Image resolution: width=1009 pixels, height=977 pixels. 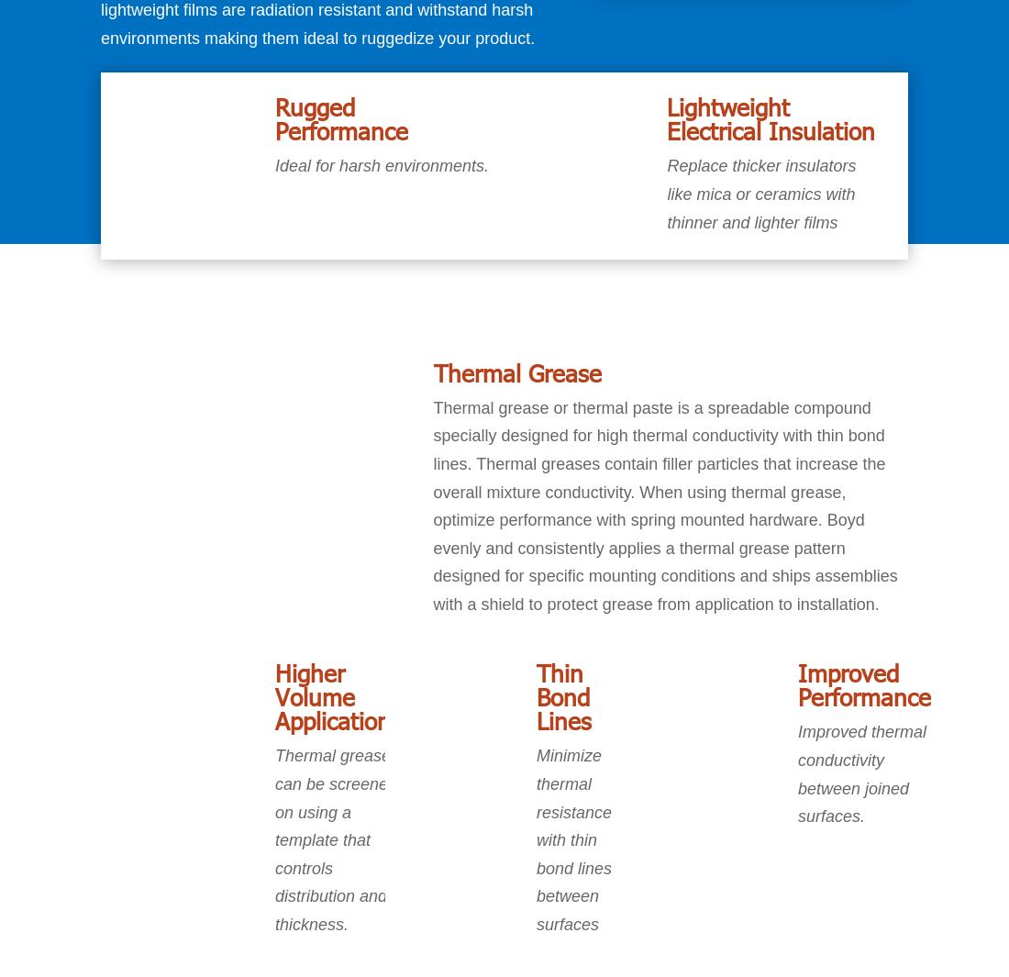 I want to click on 'Thin Bond Lines', so click(x=562, y=696).